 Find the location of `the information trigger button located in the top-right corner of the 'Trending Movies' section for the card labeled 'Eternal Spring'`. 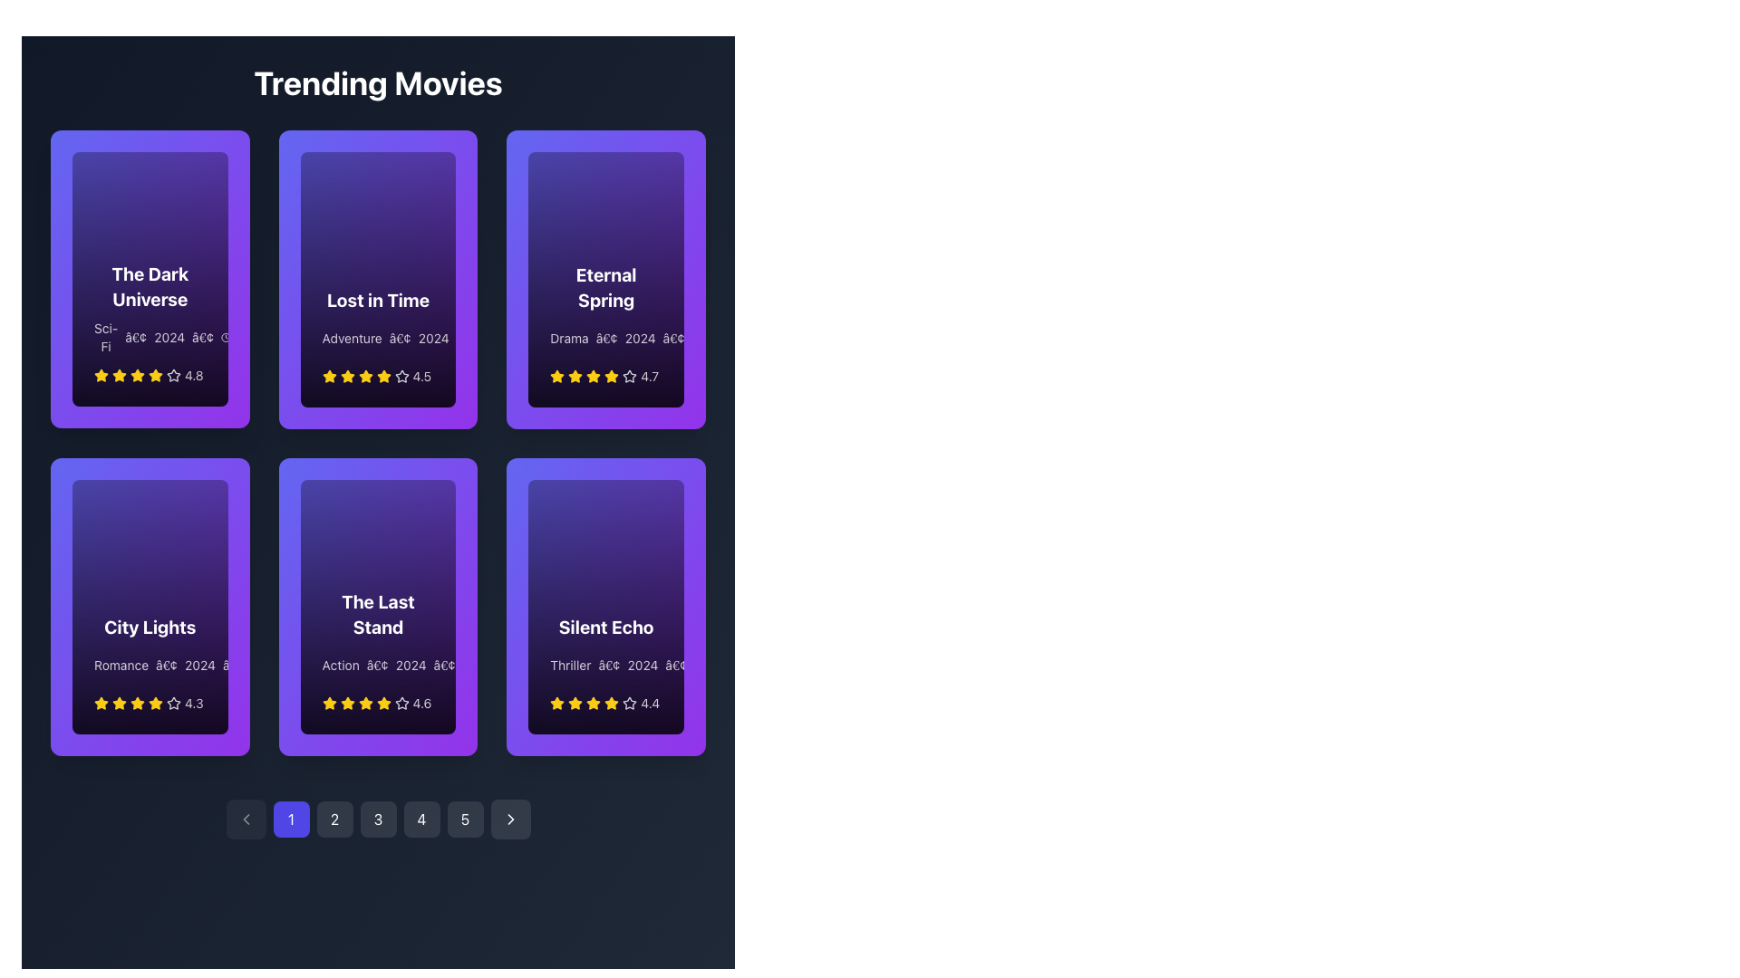

the information trigger button located in the top-right corner of the 'Trending Movies' section for the card labeled 'Eternal Spring' is located at coordinates (643, 168).